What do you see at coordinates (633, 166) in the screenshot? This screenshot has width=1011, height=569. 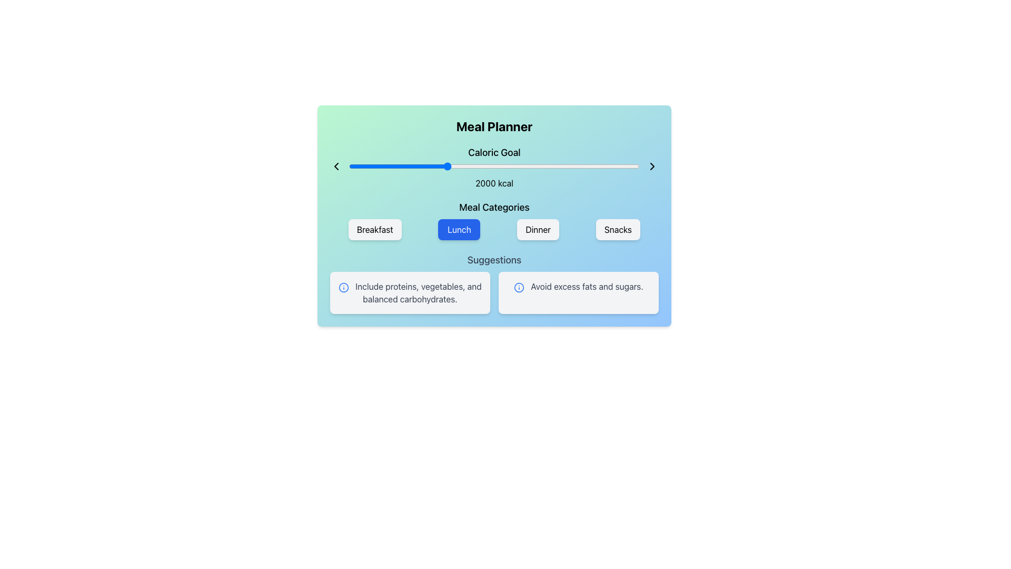 I see `the caloric goal` at bounding box center [633, 166].